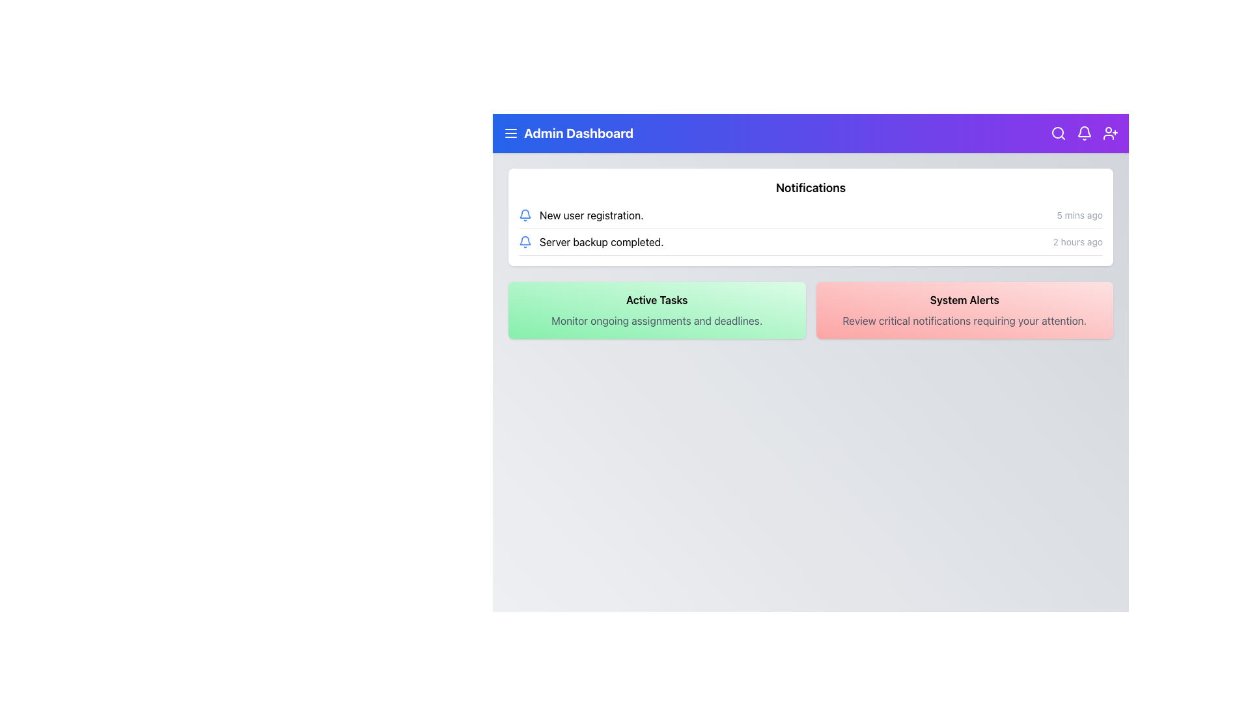 This screenshot has height=703, width=1250. Describe the element at coordinates (1059, 133) in the screenshot. I see `the magnifying glass icon button with a white outline and purple background located in the top-right corner of the header bar` at that location.